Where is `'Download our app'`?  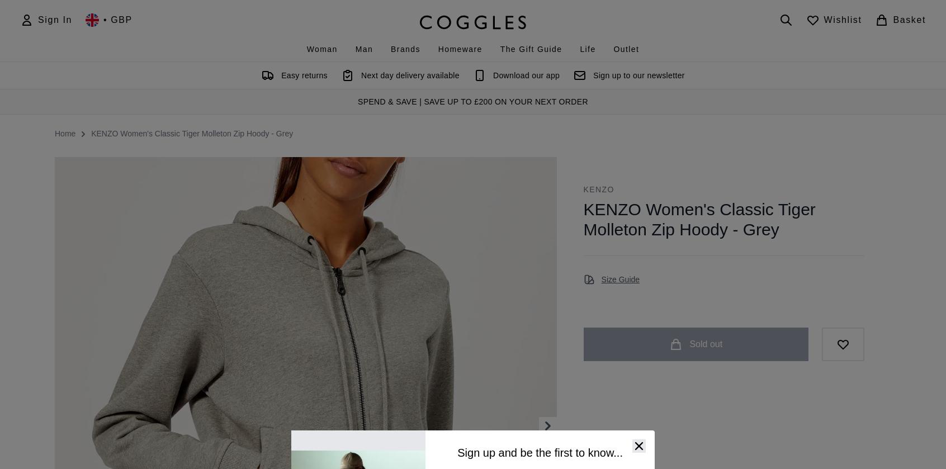
'Download our app' is located at coordinates (526, 75).